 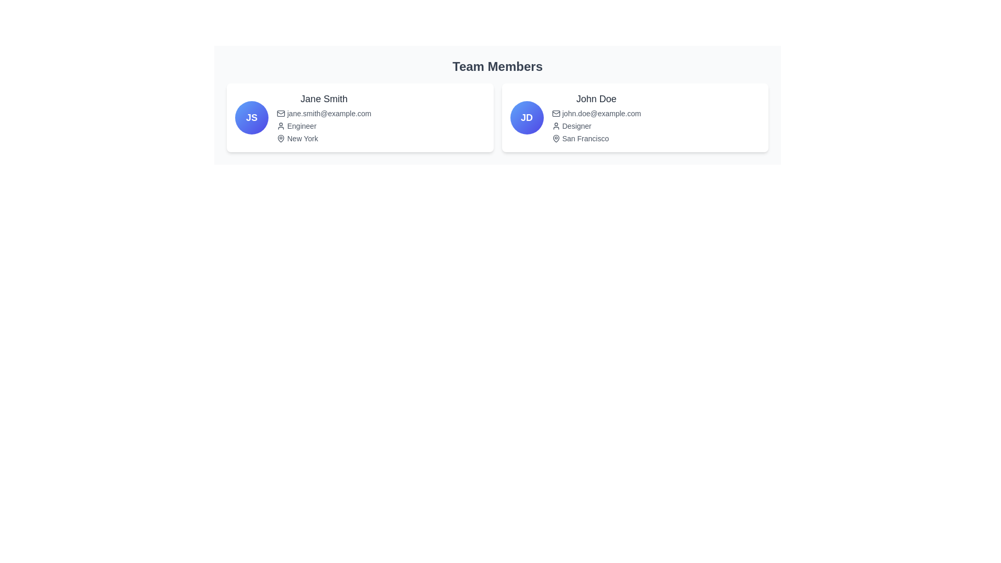 What do you see at coordinates (555, 126) in the screenshot?
I see `the user-profile icon representing 'John Doe' in the 'Team Members' section, which is positioned to the left of the text 'Designer'` at bounding box center [555, 126].